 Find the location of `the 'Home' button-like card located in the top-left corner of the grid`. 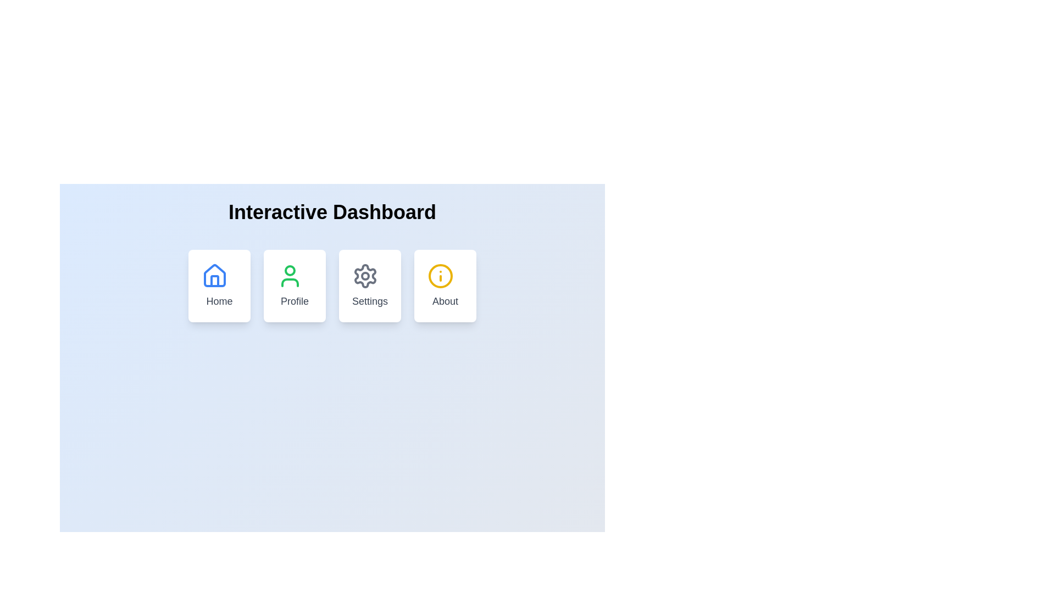

the 'Home' button-like card located in the top-left corner of the grid is located at coordinates (219, 285).